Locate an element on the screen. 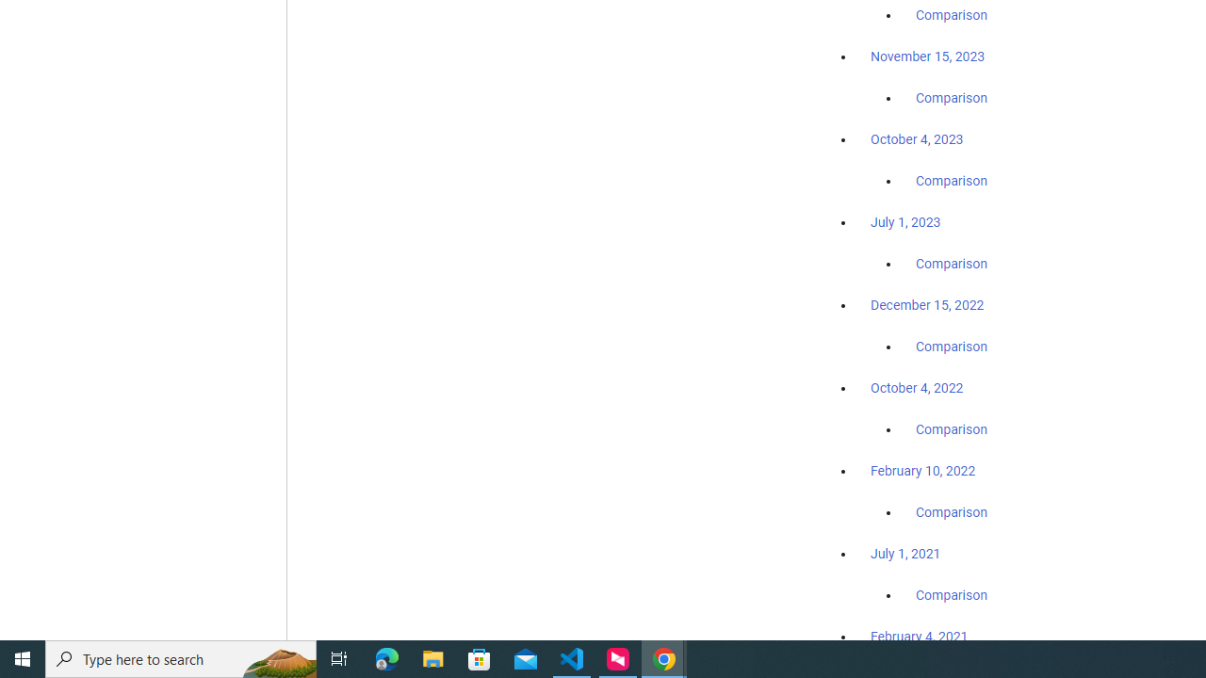  'July 1, 2021' is located at coordinates (905, 552).